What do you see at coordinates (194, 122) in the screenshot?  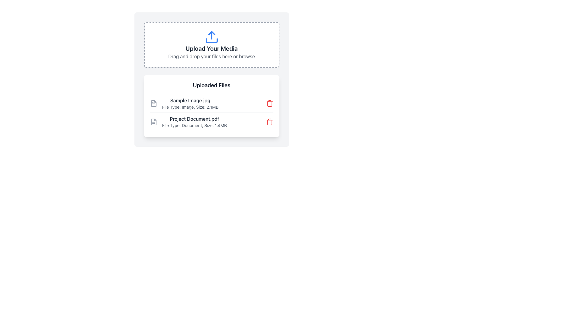 I see `the label displaying file information, specifically the text 'Project Document.pdf' and 'File Type: Document, Size: 1.4MB', located under the 'Uploaded Files' section` at bounding box center [194, 122].